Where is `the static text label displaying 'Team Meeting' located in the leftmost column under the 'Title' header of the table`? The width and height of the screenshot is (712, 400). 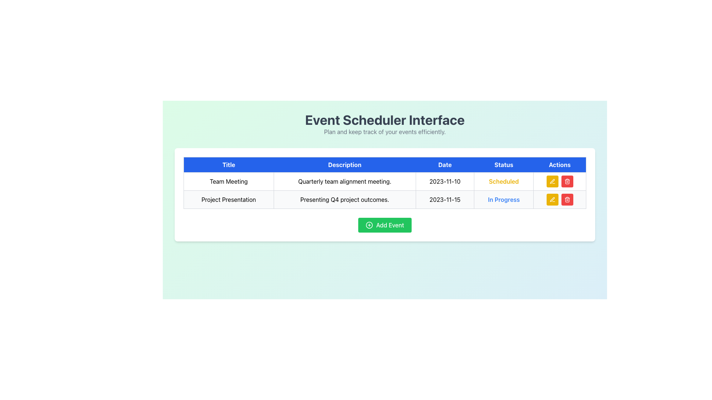 the static text label displaying 'Team Meeting' located in the leftmost column under the 'Title' header of the table is located at coordinates (228, 181).